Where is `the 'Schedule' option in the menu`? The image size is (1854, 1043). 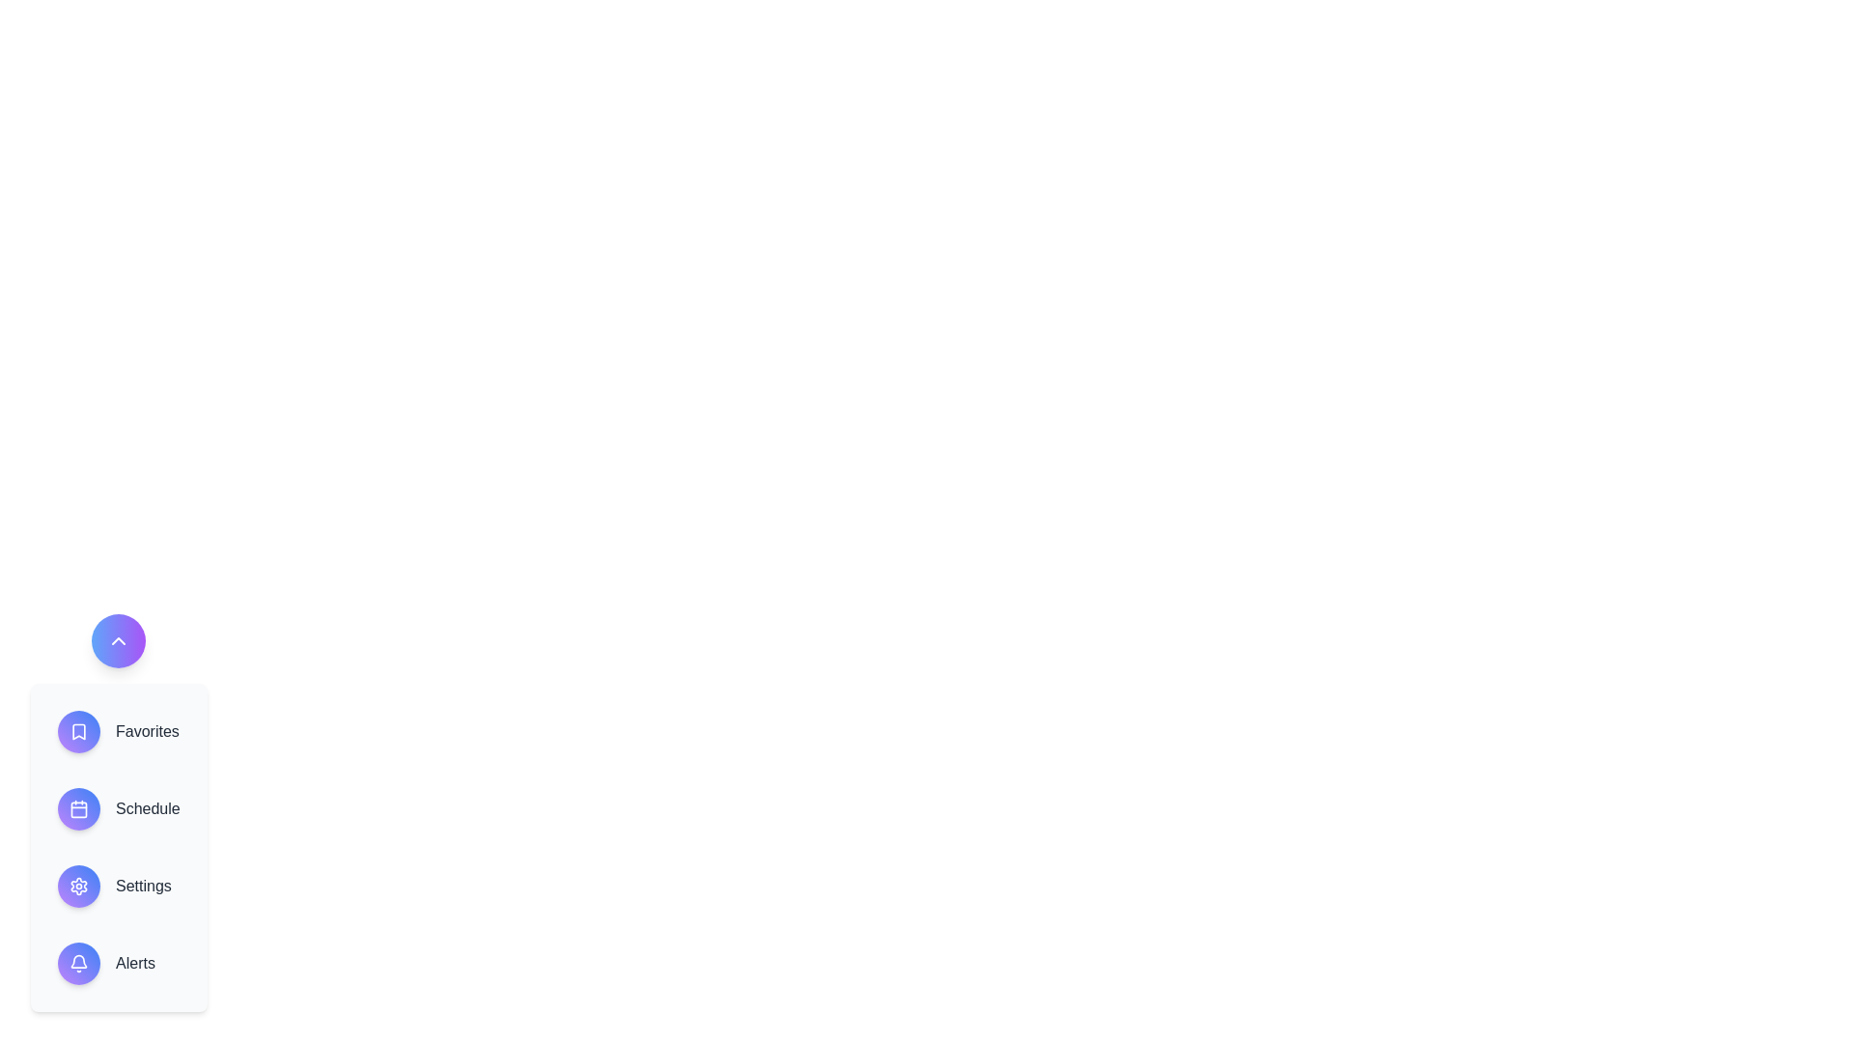
the 'Schedule' option in the menu is located at coordinates (118, 808).